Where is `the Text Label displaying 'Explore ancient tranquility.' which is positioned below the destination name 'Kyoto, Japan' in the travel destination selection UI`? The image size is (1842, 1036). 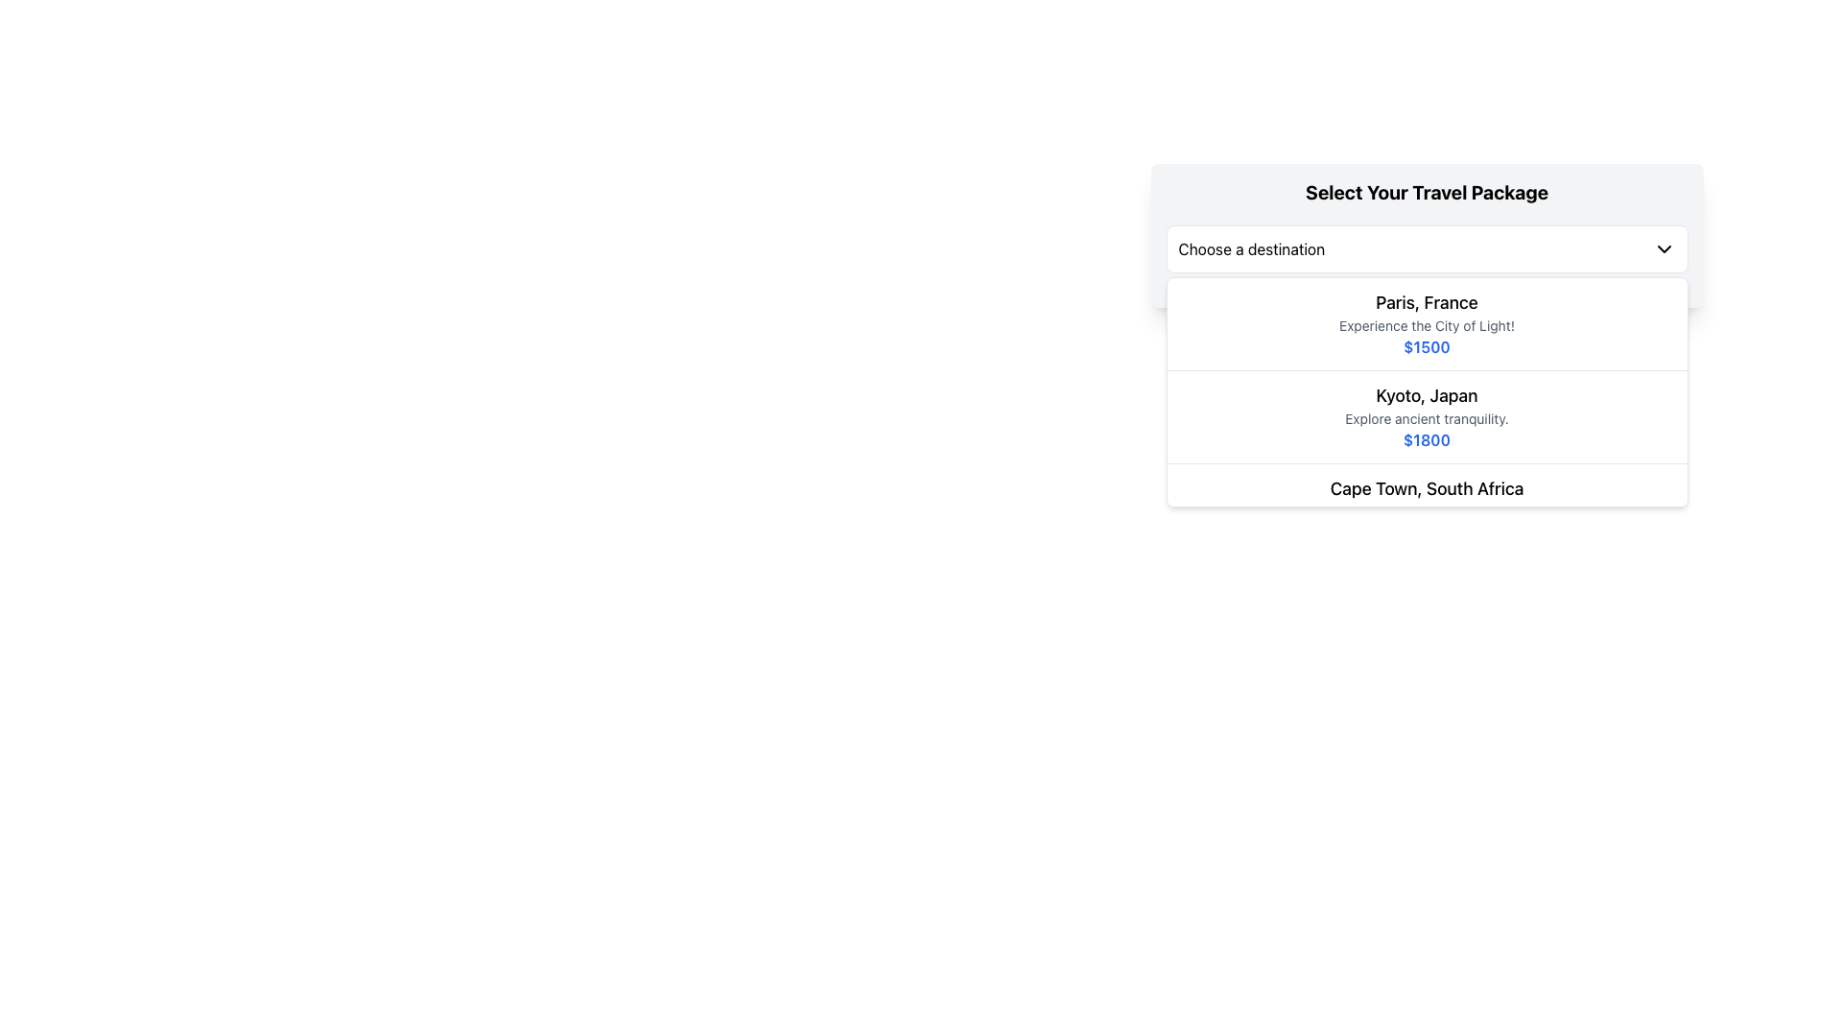 the Text Label displaying 'Explore ancient tranquility.' which is positioned below the destination name 'Kyoto, Japan' in the travel destination selection UI is located at coordinates (1427, 417).